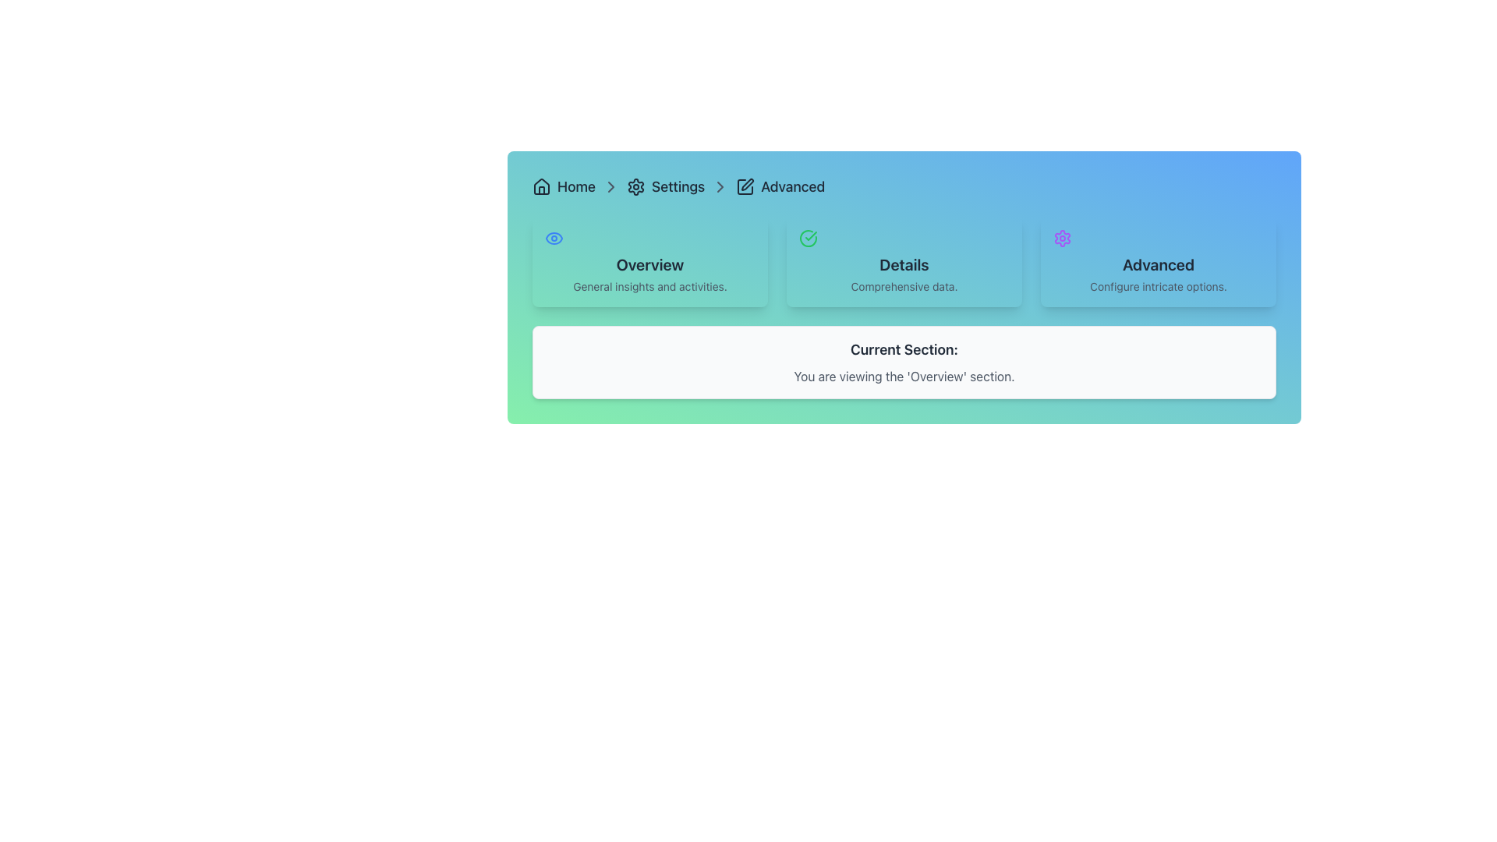 The height and width of the screenshot is (842, 1497). I want to click on the confirmation icon located on the far right of the second row of main buttons in the 'Details' card, indicating completed statuses or positive validation, so click(808, 238).